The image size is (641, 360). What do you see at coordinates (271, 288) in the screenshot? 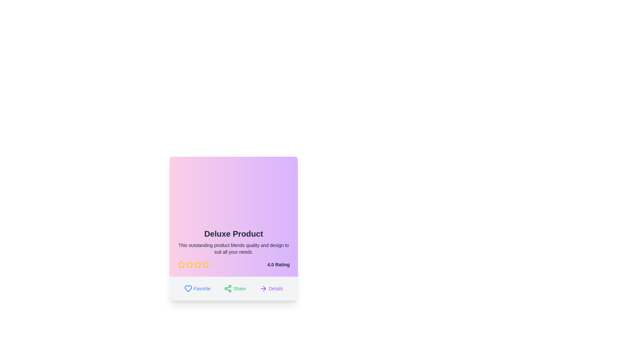
I see `the 'Details' button, which is located at the rightmost position in a group of three buttons` at bounding box center [271, 288].